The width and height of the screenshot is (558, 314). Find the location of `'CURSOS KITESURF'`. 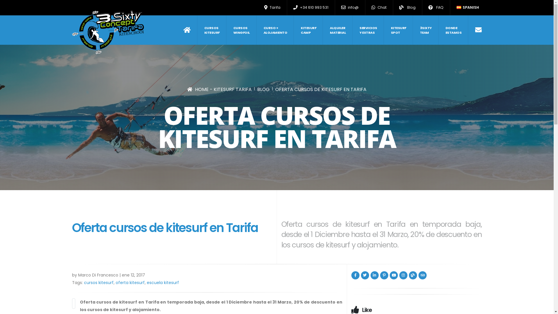

'CURSOS KITESURF' is located at coordinates (198, 30).